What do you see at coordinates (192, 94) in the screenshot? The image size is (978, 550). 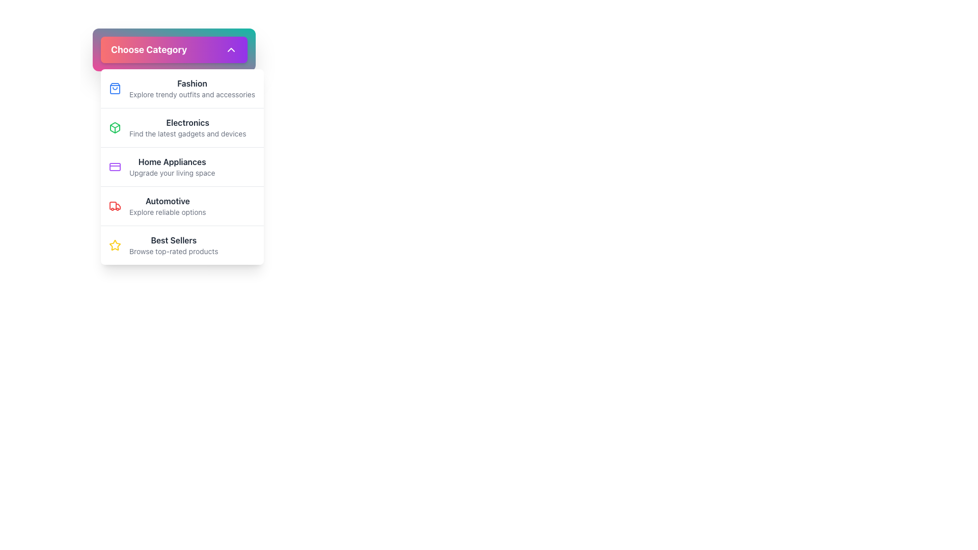 I see `the text label reading 'Explore trendy outfits and accessories', which is located below the bold text 'Fashion' within the 'Choose Category' dropdown menu` at bounding box center [192, 94].